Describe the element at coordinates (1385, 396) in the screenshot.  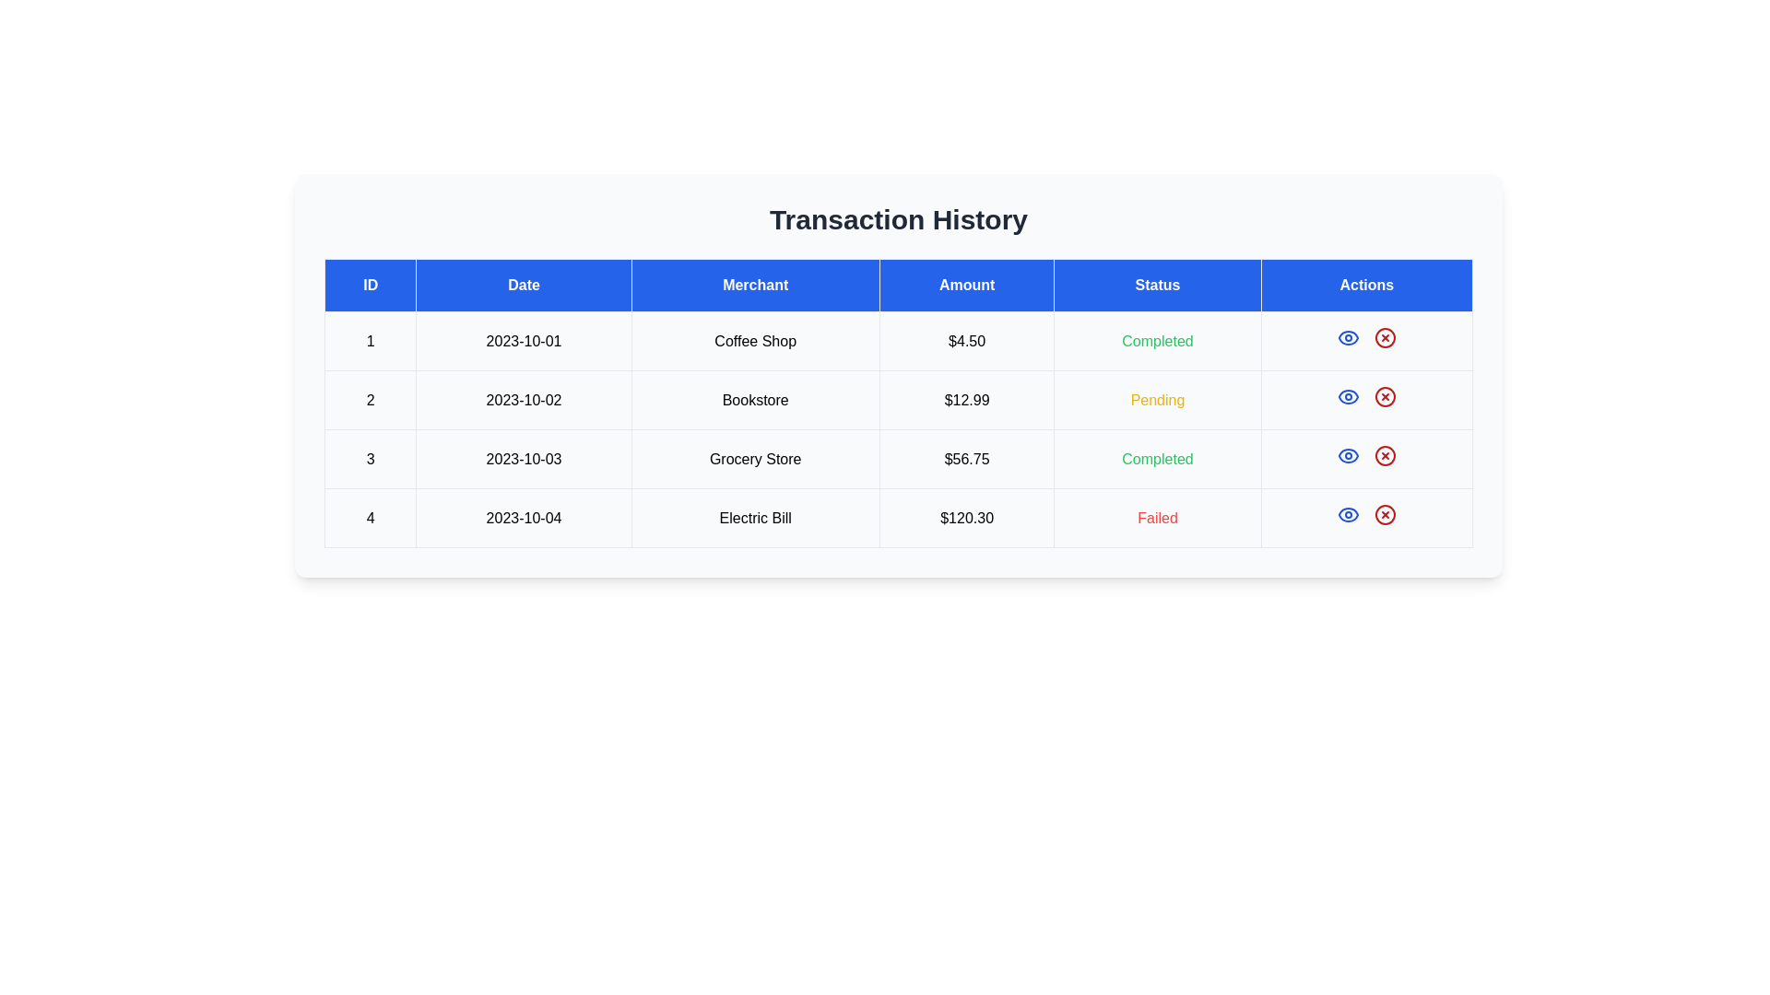
I see `the delete button for transaction with ID 2` at that location.